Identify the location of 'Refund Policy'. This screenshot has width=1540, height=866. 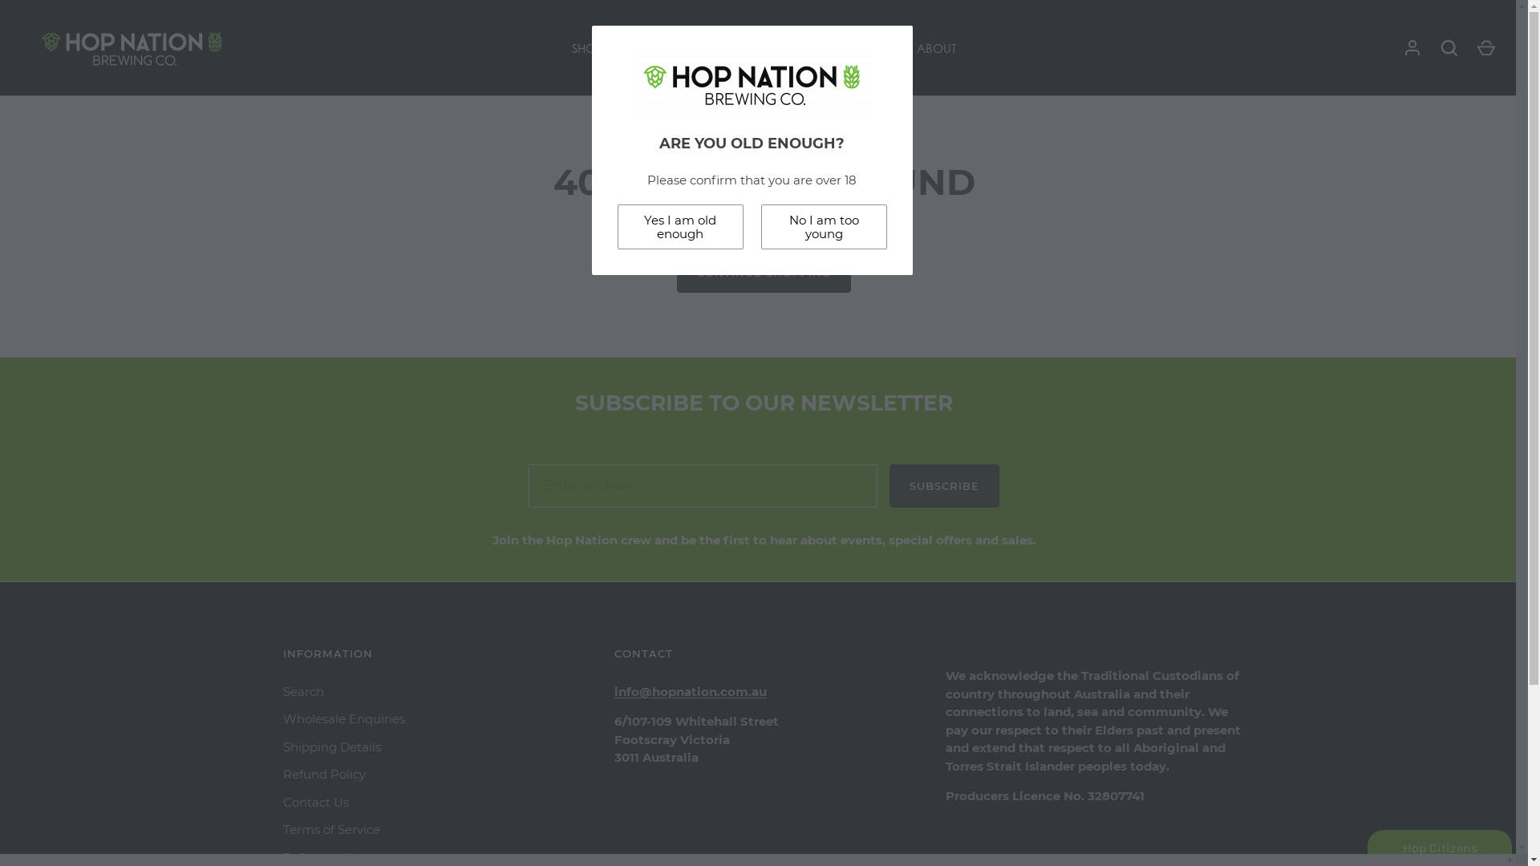
(322, 773).